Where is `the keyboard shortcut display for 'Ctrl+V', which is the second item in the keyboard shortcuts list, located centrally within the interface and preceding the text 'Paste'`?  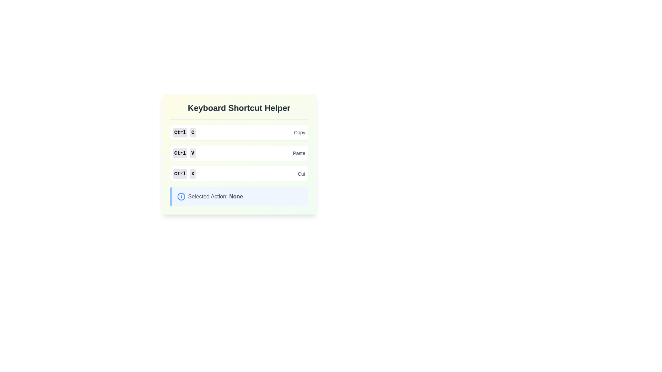 the keyboard shortcut display for 'Ctrl+V', which is the second item in the keyboard shortcuts list, located centrally within the interface and preceding the text 'Paste' is located at coordinates (184, 153).